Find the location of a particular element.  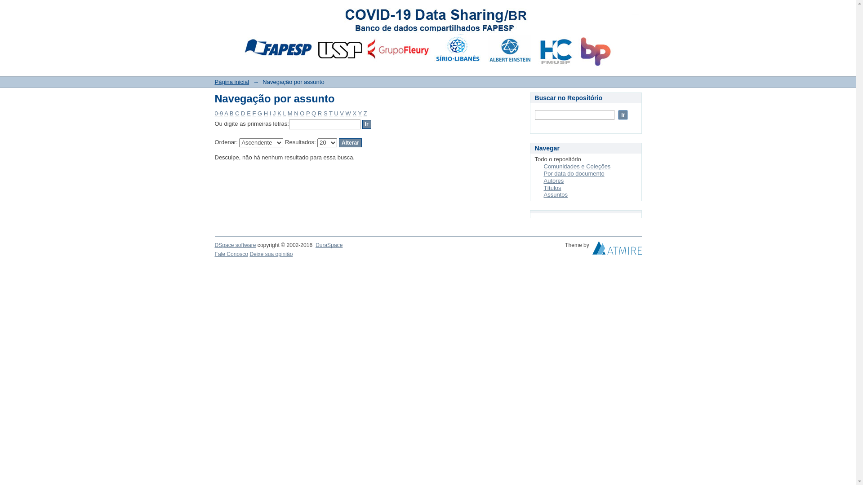

'I' is located at coordinates (269, 113).